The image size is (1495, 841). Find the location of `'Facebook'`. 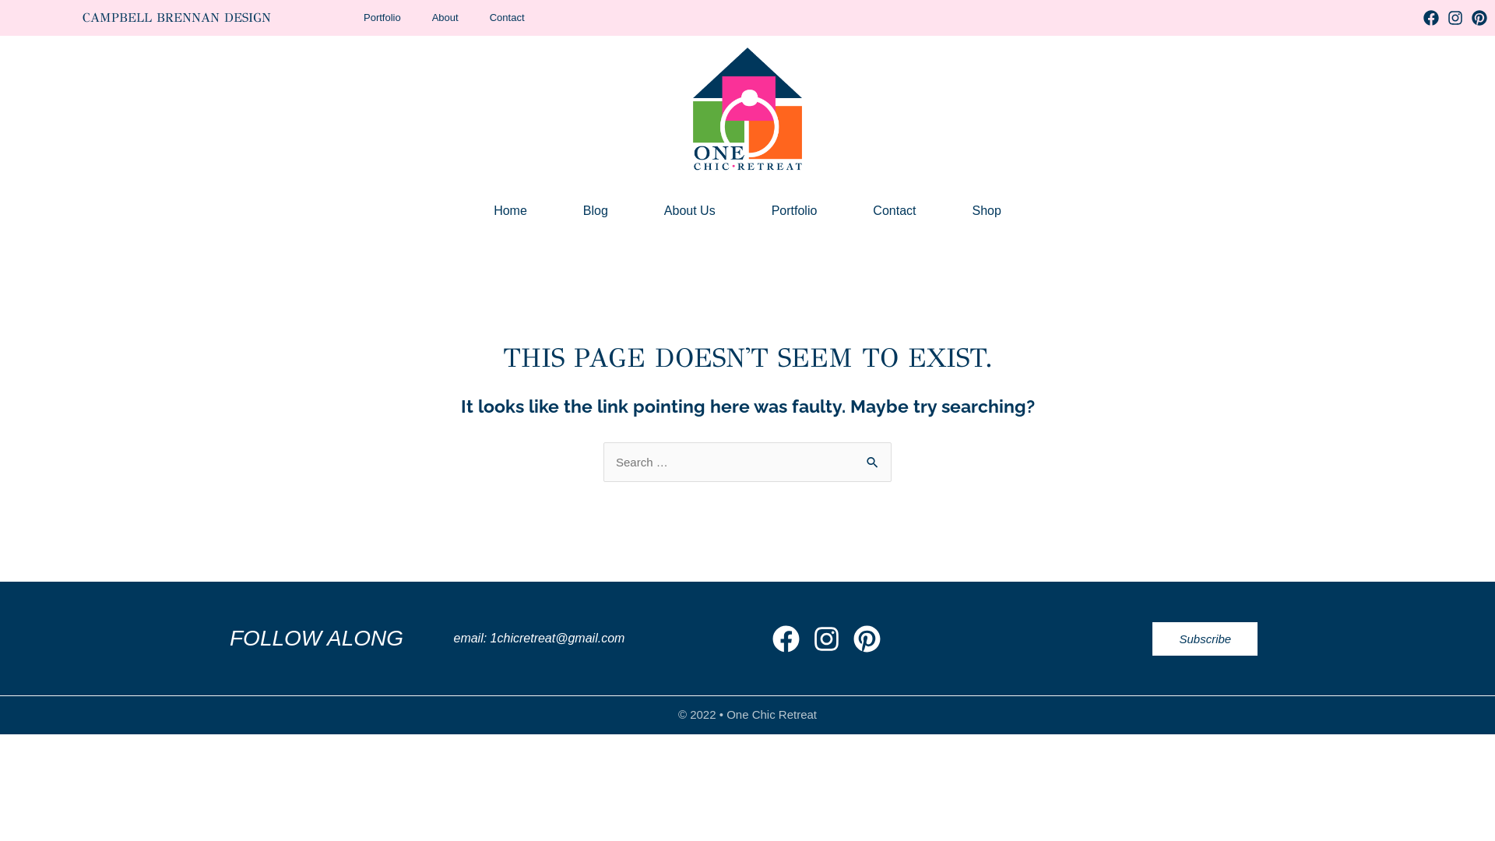

'Facebook' is located at coordinates (1431, 18).